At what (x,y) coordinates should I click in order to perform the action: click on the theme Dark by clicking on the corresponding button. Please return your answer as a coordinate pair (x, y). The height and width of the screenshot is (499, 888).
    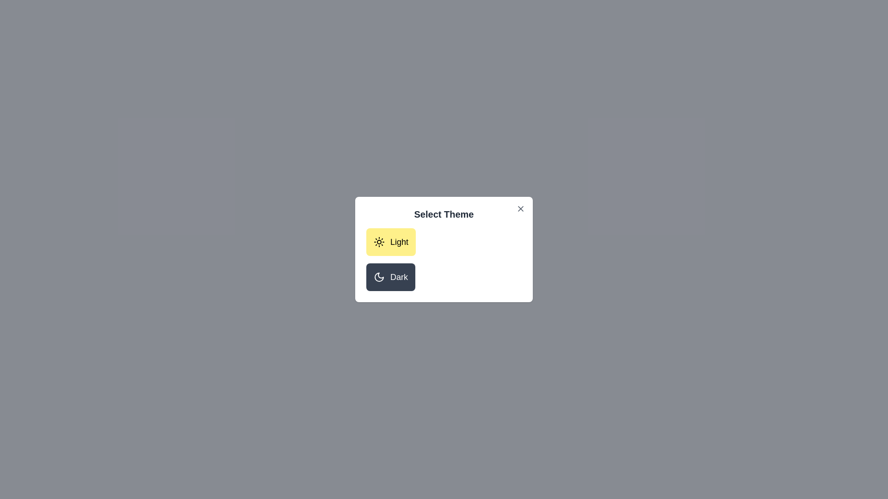
    Looking at the image, I should click on (390, 277).